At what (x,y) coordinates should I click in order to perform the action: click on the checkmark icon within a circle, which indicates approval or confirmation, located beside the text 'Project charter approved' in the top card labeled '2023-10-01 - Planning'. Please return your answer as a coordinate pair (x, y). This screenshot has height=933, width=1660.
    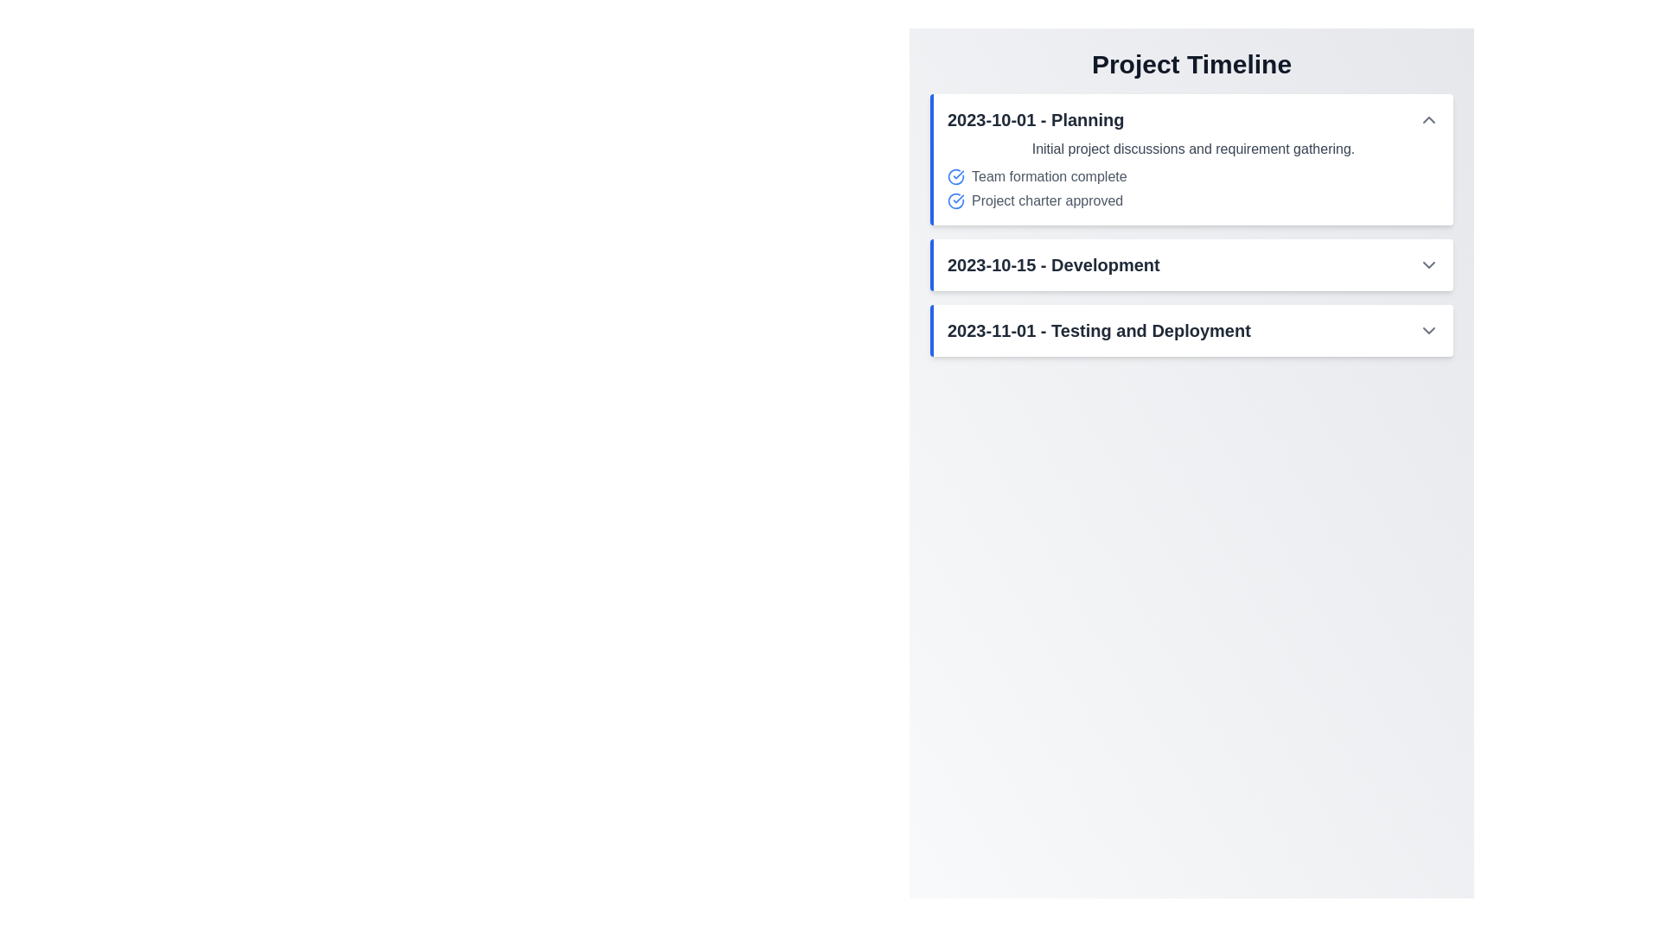
    Looking at the image, I should click on (954, 200).